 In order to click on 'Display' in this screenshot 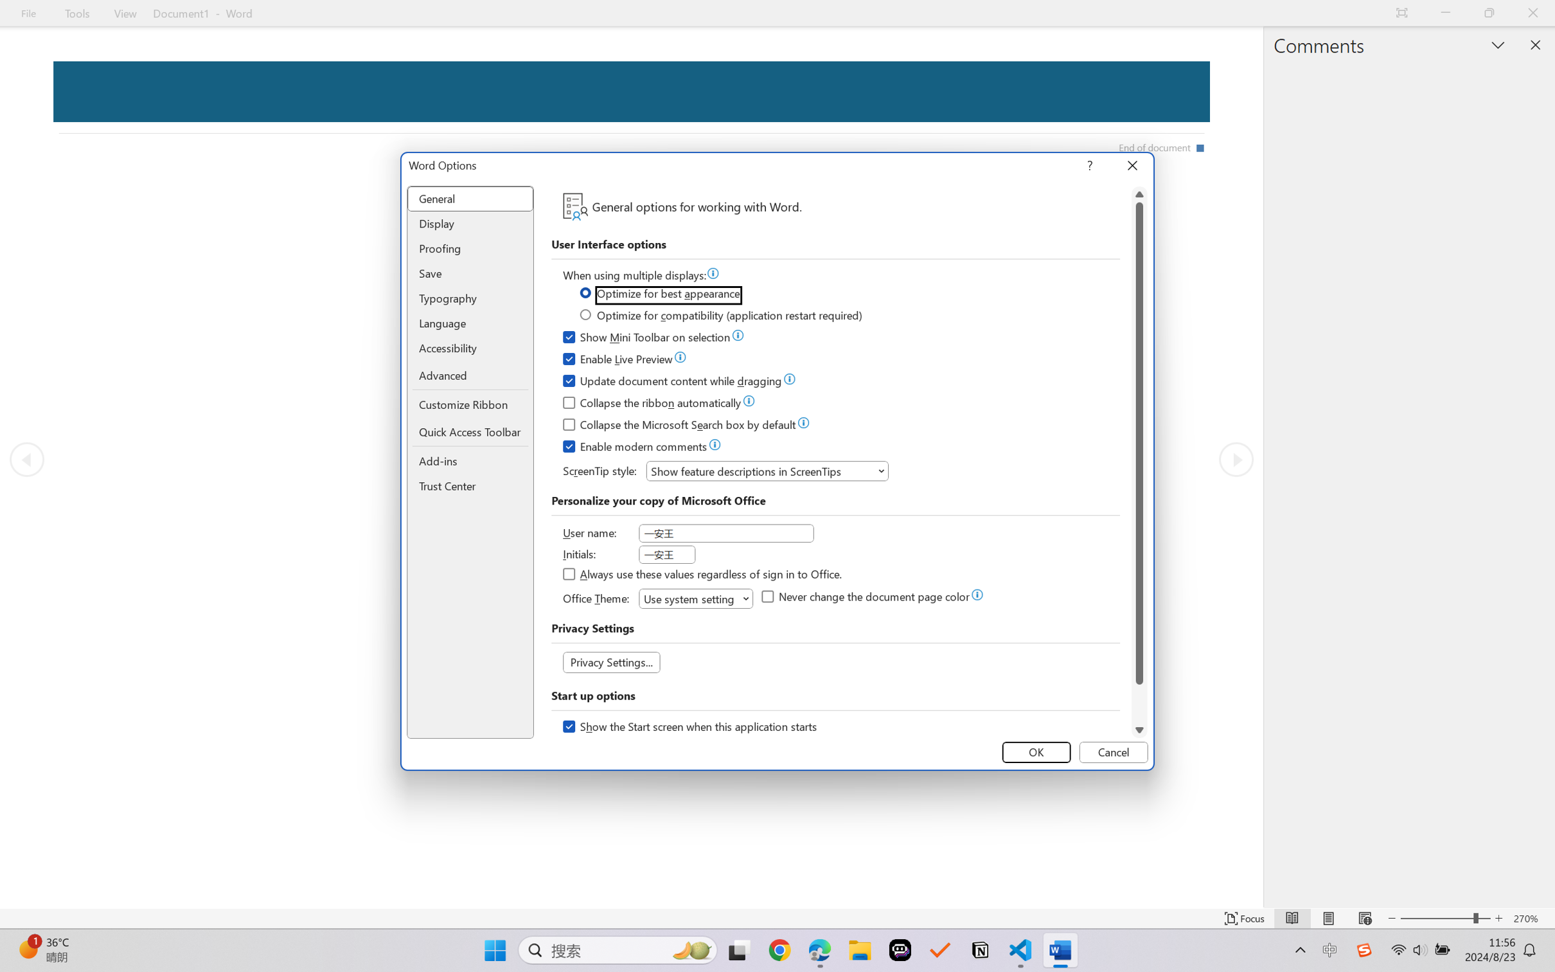, I will do `click(470, 224)`.